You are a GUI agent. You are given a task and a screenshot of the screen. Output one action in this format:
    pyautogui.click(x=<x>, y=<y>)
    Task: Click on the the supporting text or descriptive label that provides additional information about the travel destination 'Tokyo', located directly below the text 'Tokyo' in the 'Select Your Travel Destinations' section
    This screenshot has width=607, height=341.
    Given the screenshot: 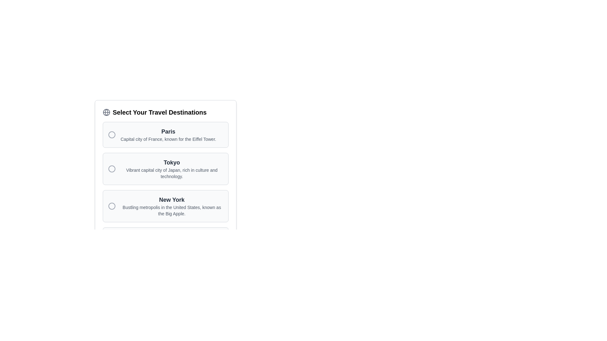 What is the action you would take?
    pyautogui.click(x=172, y=173)
    